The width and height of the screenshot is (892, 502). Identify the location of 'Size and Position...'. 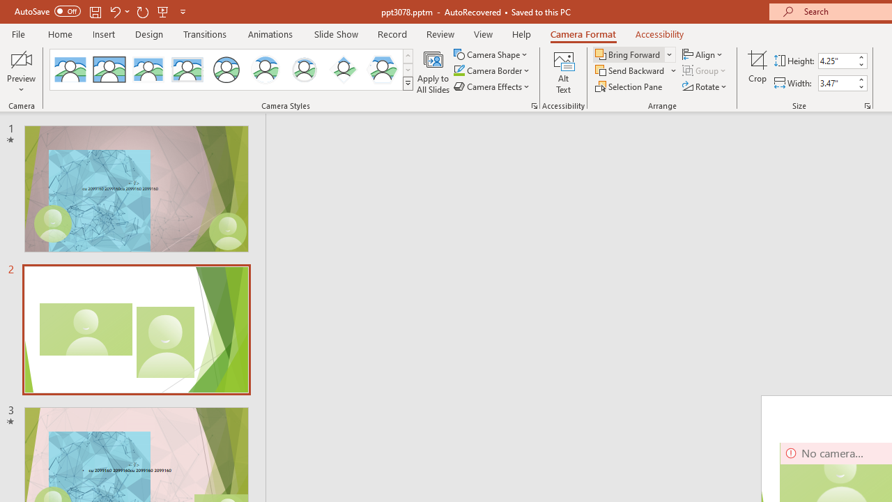
(866, 105).